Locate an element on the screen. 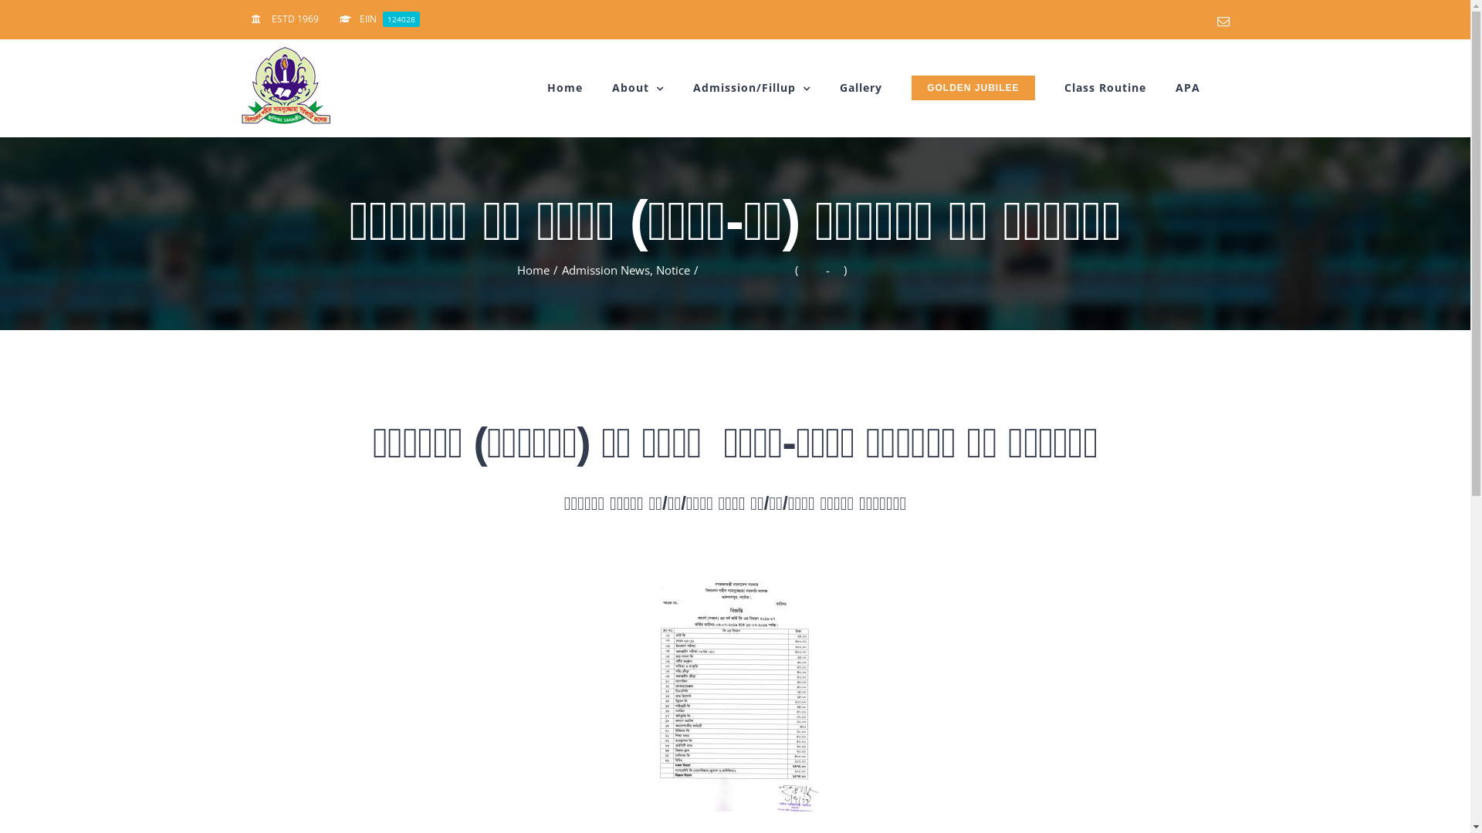  'Gallery' is located at coordinates (860, 88).